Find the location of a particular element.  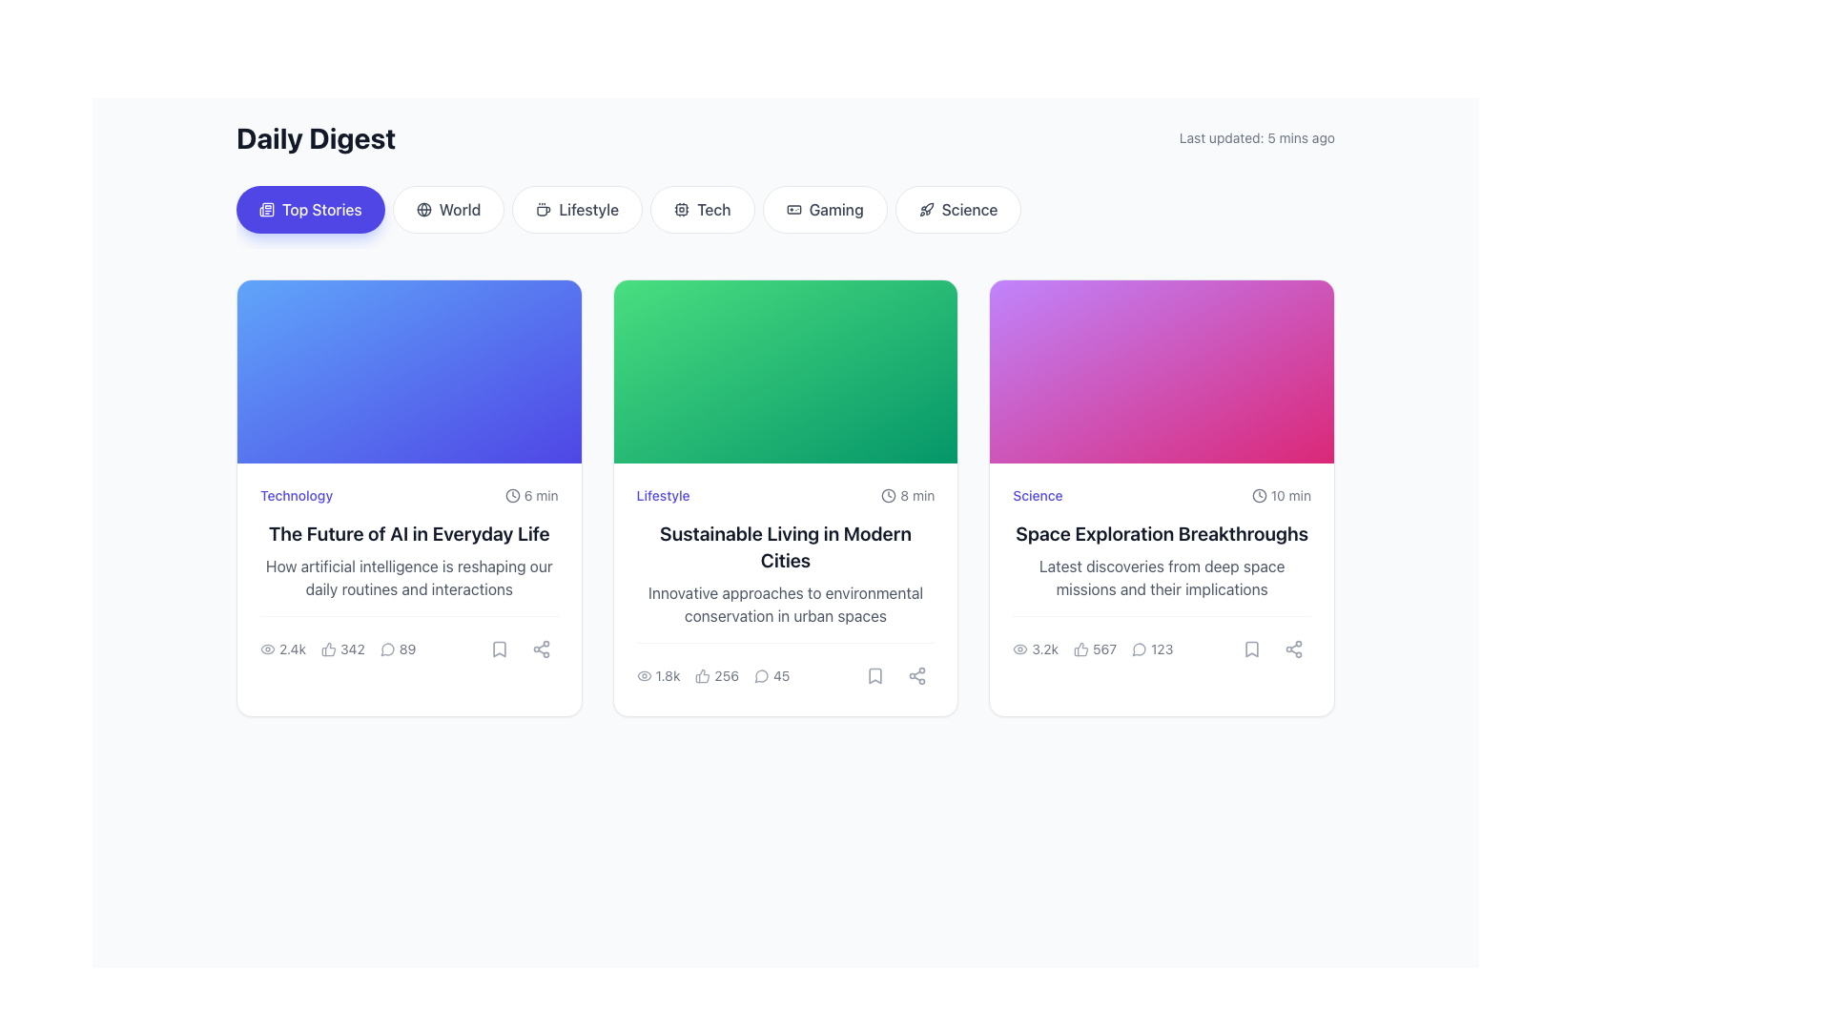

the 'Daily Digest' text header, which is styled in a large, bold sans-serif font and is visually prominent against a light background is located at coordinates (316, 137).